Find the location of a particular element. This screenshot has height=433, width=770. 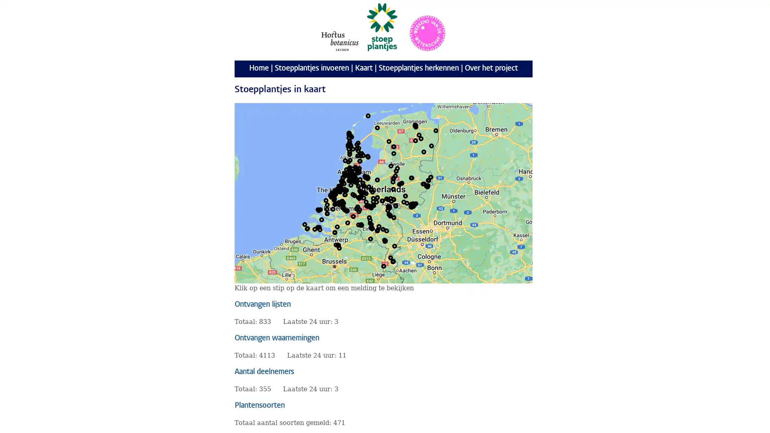

Telling van M. de Wit op 31 oktober 2021 is located at coordinates (396, 205).